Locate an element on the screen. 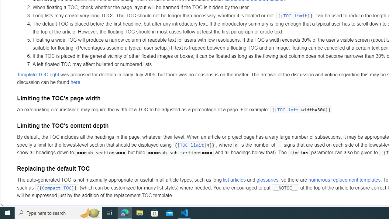  'glossaries' is located at coordinates (267, 180).